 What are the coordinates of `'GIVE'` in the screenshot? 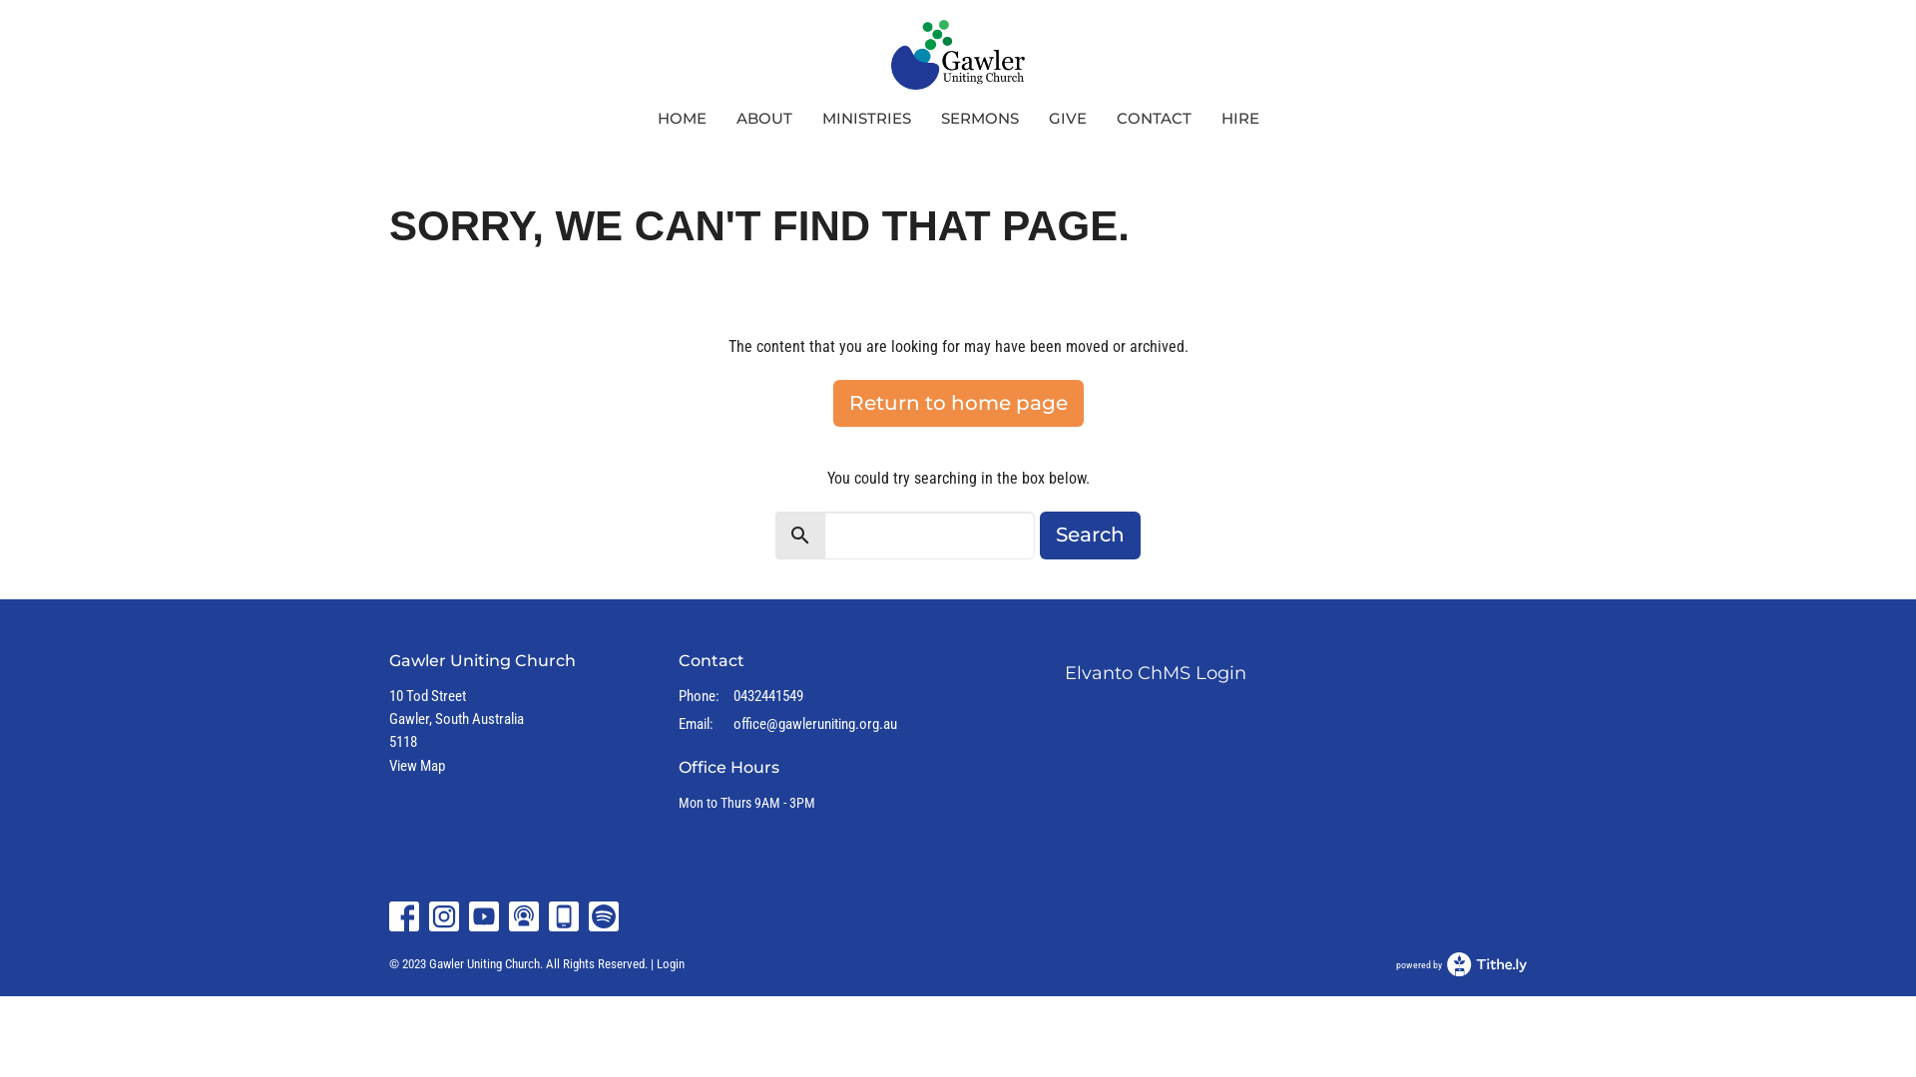 It's located at (1047, 118).